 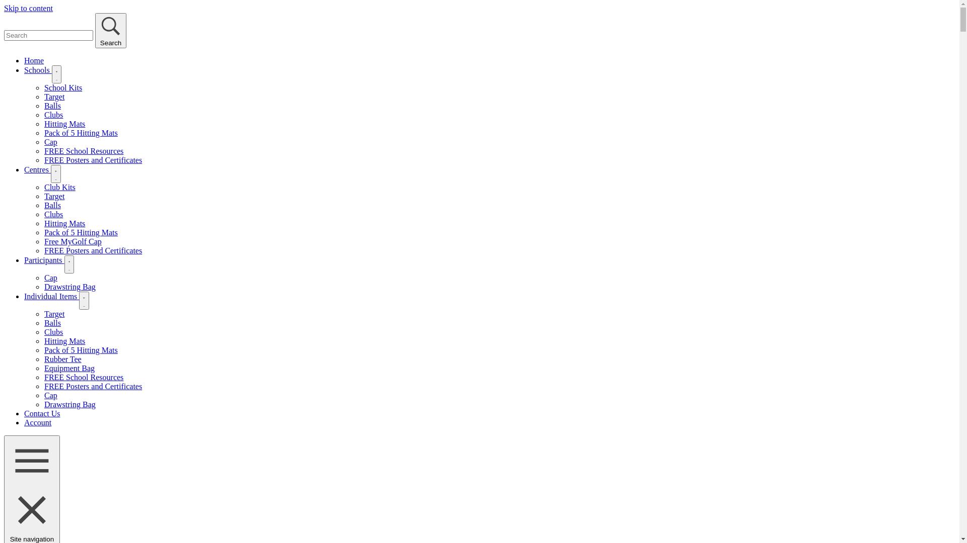 What do you see at coordinates (53, 313) in the screenshot?
I see `'Target'` at bounding box center [53, 313].